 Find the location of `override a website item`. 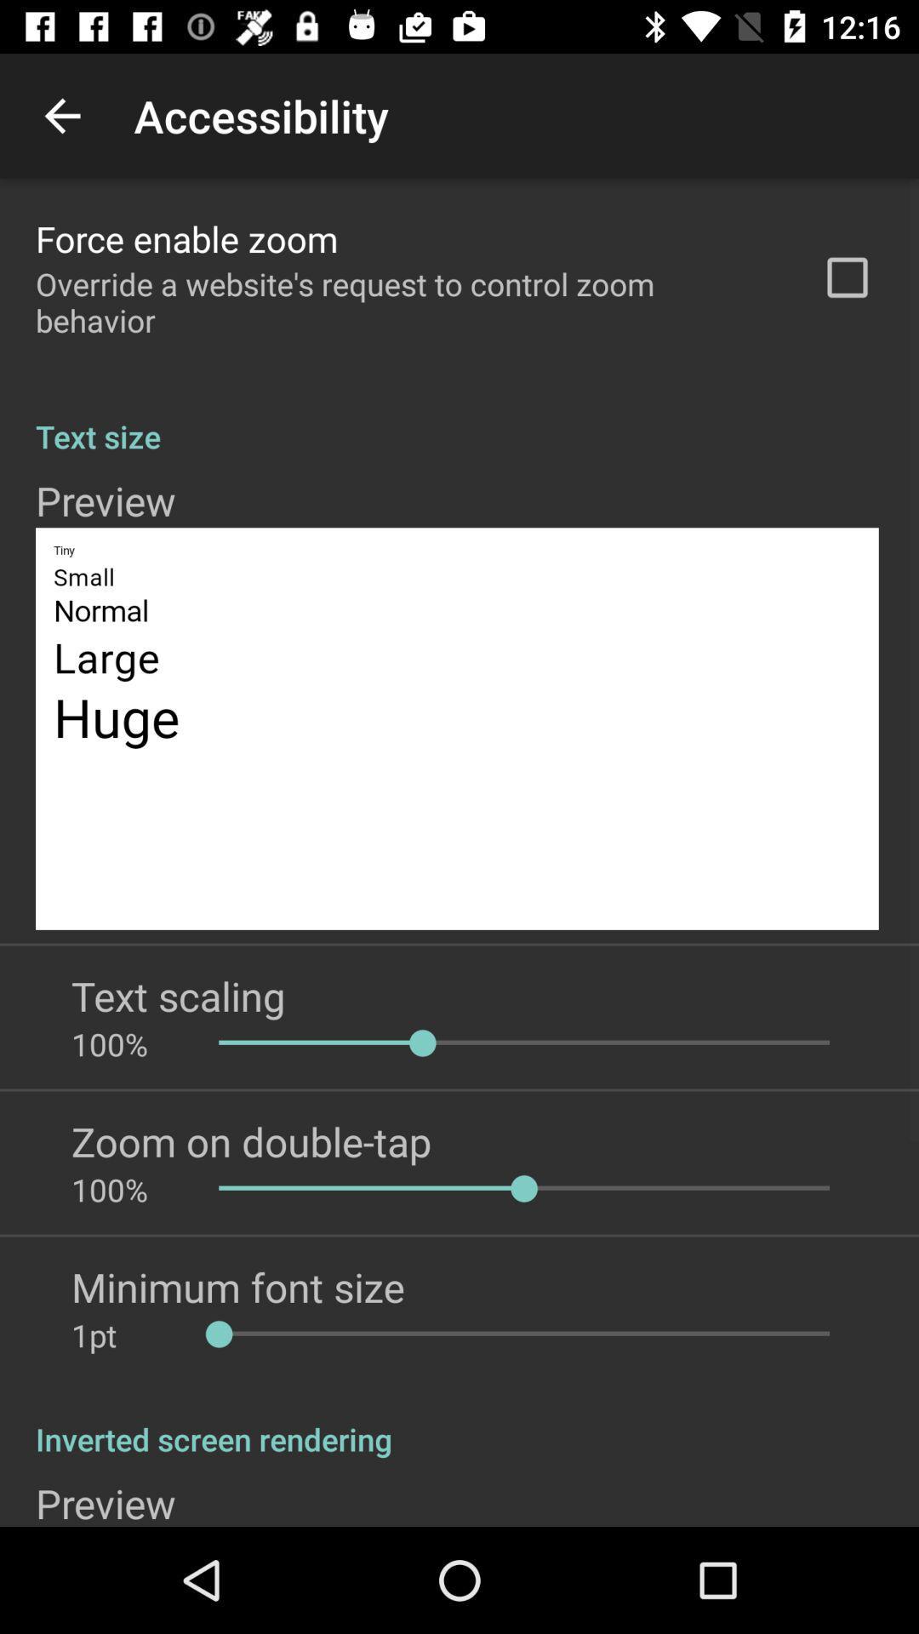

override a website item is located at coordinates (406, 302).